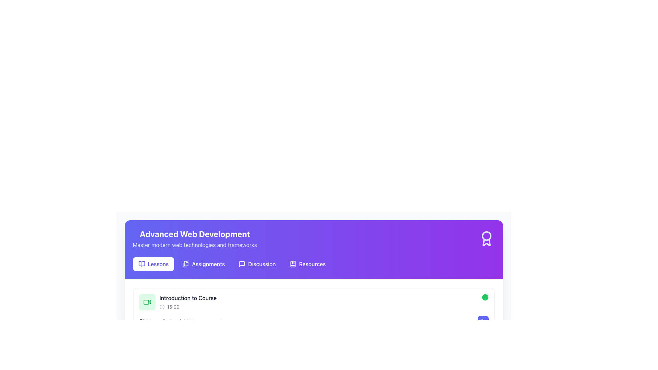 Image resolution: width=658 pixels, height=370 pixels. Describe the element at coordinates (307, 264) in the screenshot. I see `the 'Resources' button, which features a book with a bookmark icon and white text on a purple background` at that location.